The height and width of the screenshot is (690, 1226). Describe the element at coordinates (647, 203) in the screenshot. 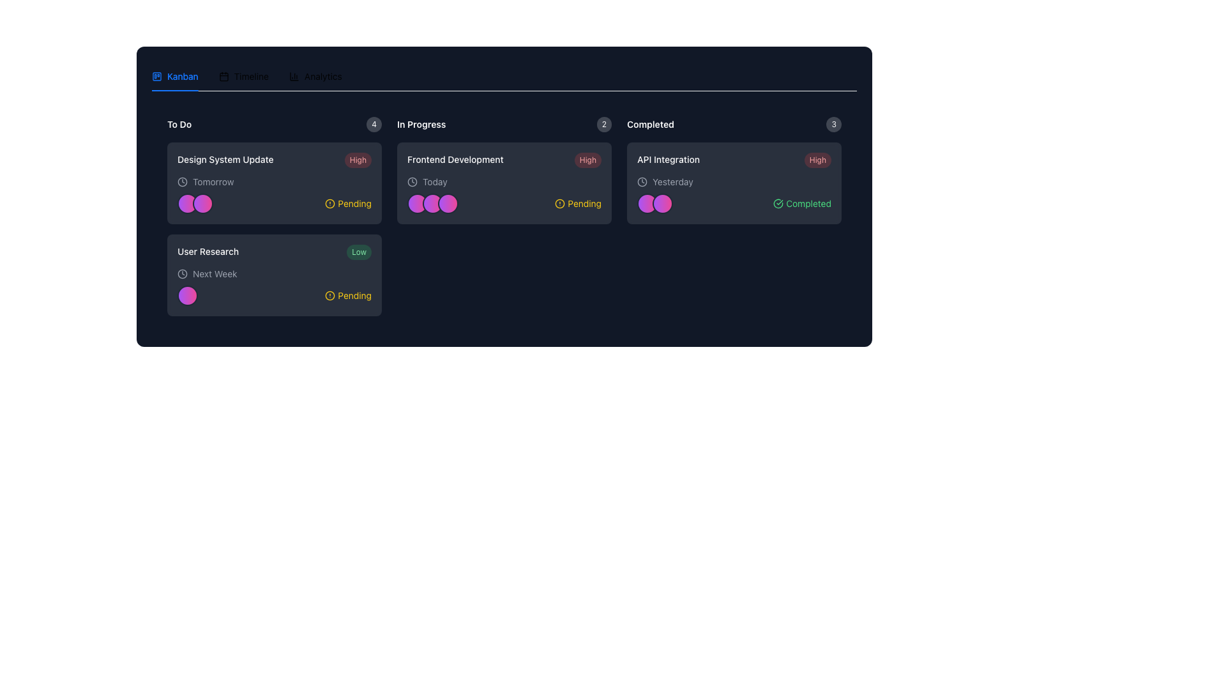

I see `the leftmost circular avatar marker in the 'Completed' section under the 'API Integration' task card` at that location.